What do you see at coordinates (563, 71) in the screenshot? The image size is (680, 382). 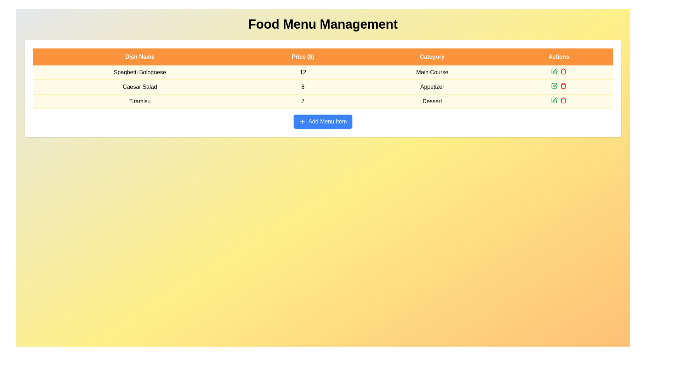 I see `the red trash can icon in the Actions column of the table corresponding to the Spaghetti Bolognese dish` at bounding box center [563, 71].